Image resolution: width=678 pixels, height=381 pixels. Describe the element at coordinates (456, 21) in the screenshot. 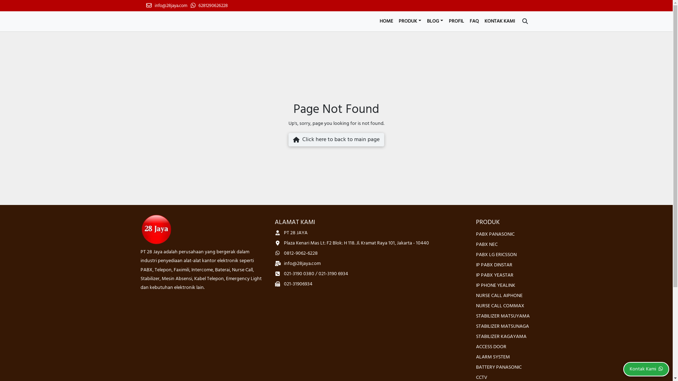

I see `'PROFIL'` at that location.